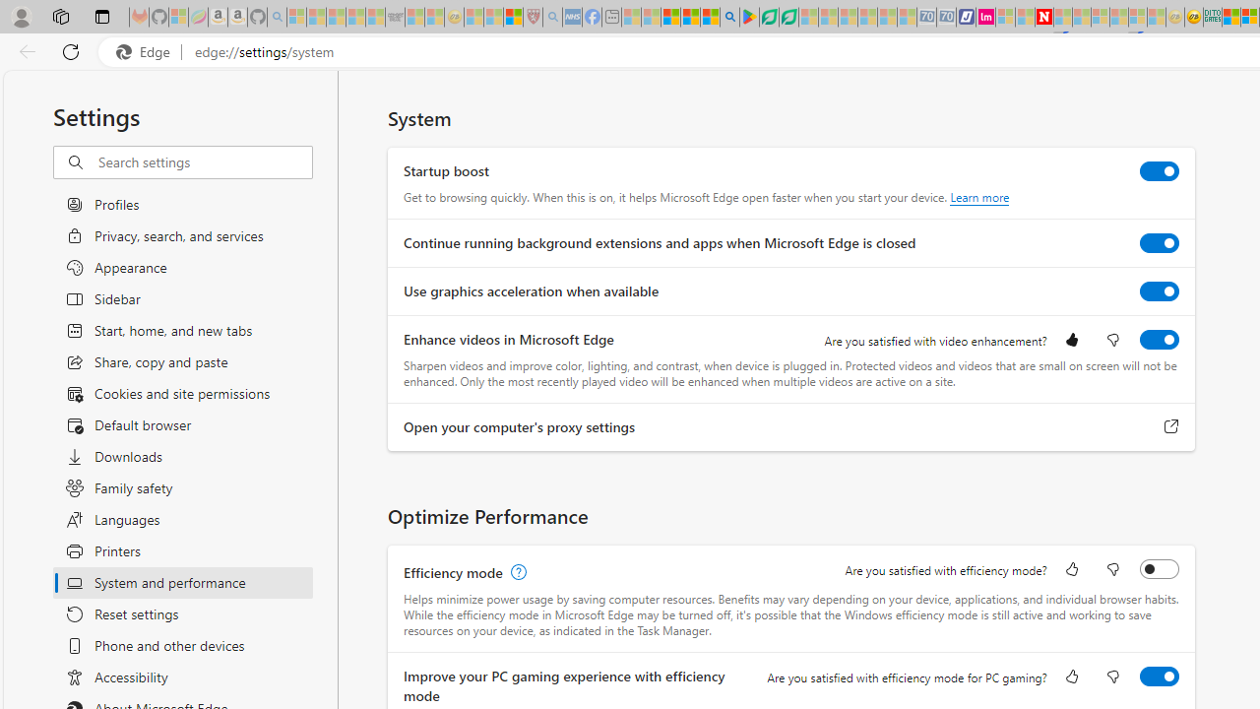 The width and height of the screenshot is (1260, 709). What do you see at coordinates (513, 17) in the screenshot?
I see `'Local - MSN'` at bounding box center [513, 17].